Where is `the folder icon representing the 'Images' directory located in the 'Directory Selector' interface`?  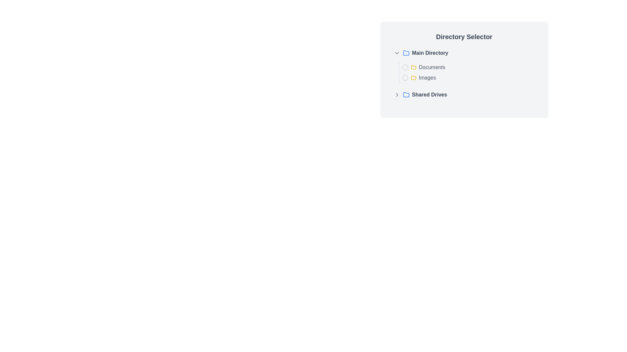 the folder icon representing the 'Images' directory located in the 'Directory Selector' interface is located at coordinates (413, 77).